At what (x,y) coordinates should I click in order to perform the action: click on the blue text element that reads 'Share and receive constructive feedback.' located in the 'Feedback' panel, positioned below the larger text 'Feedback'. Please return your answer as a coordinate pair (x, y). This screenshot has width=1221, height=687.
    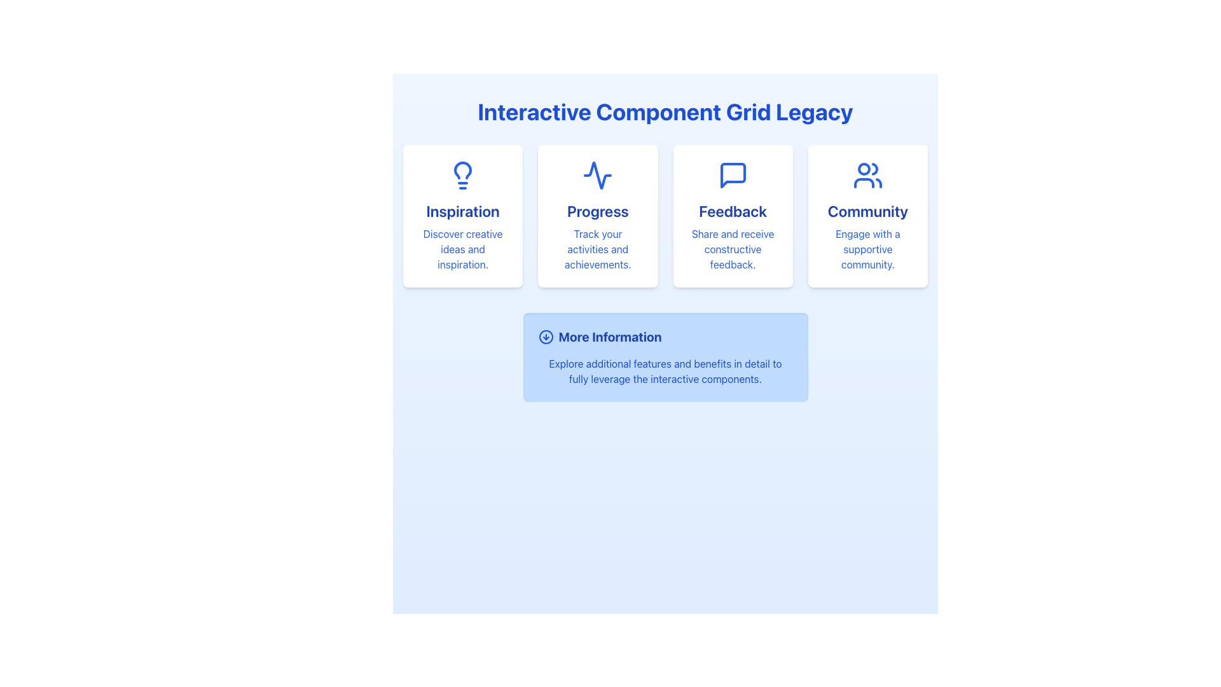
    Looking at the image, I should click on (733, 249).